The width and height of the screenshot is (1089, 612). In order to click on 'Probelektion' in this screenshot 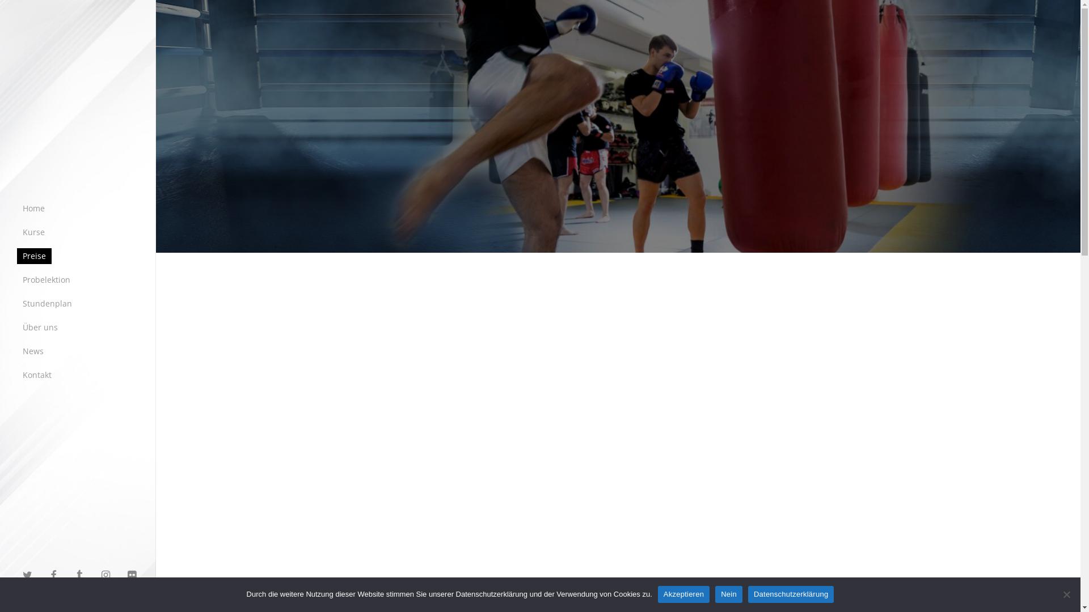, I will do `click(45, 279)`.